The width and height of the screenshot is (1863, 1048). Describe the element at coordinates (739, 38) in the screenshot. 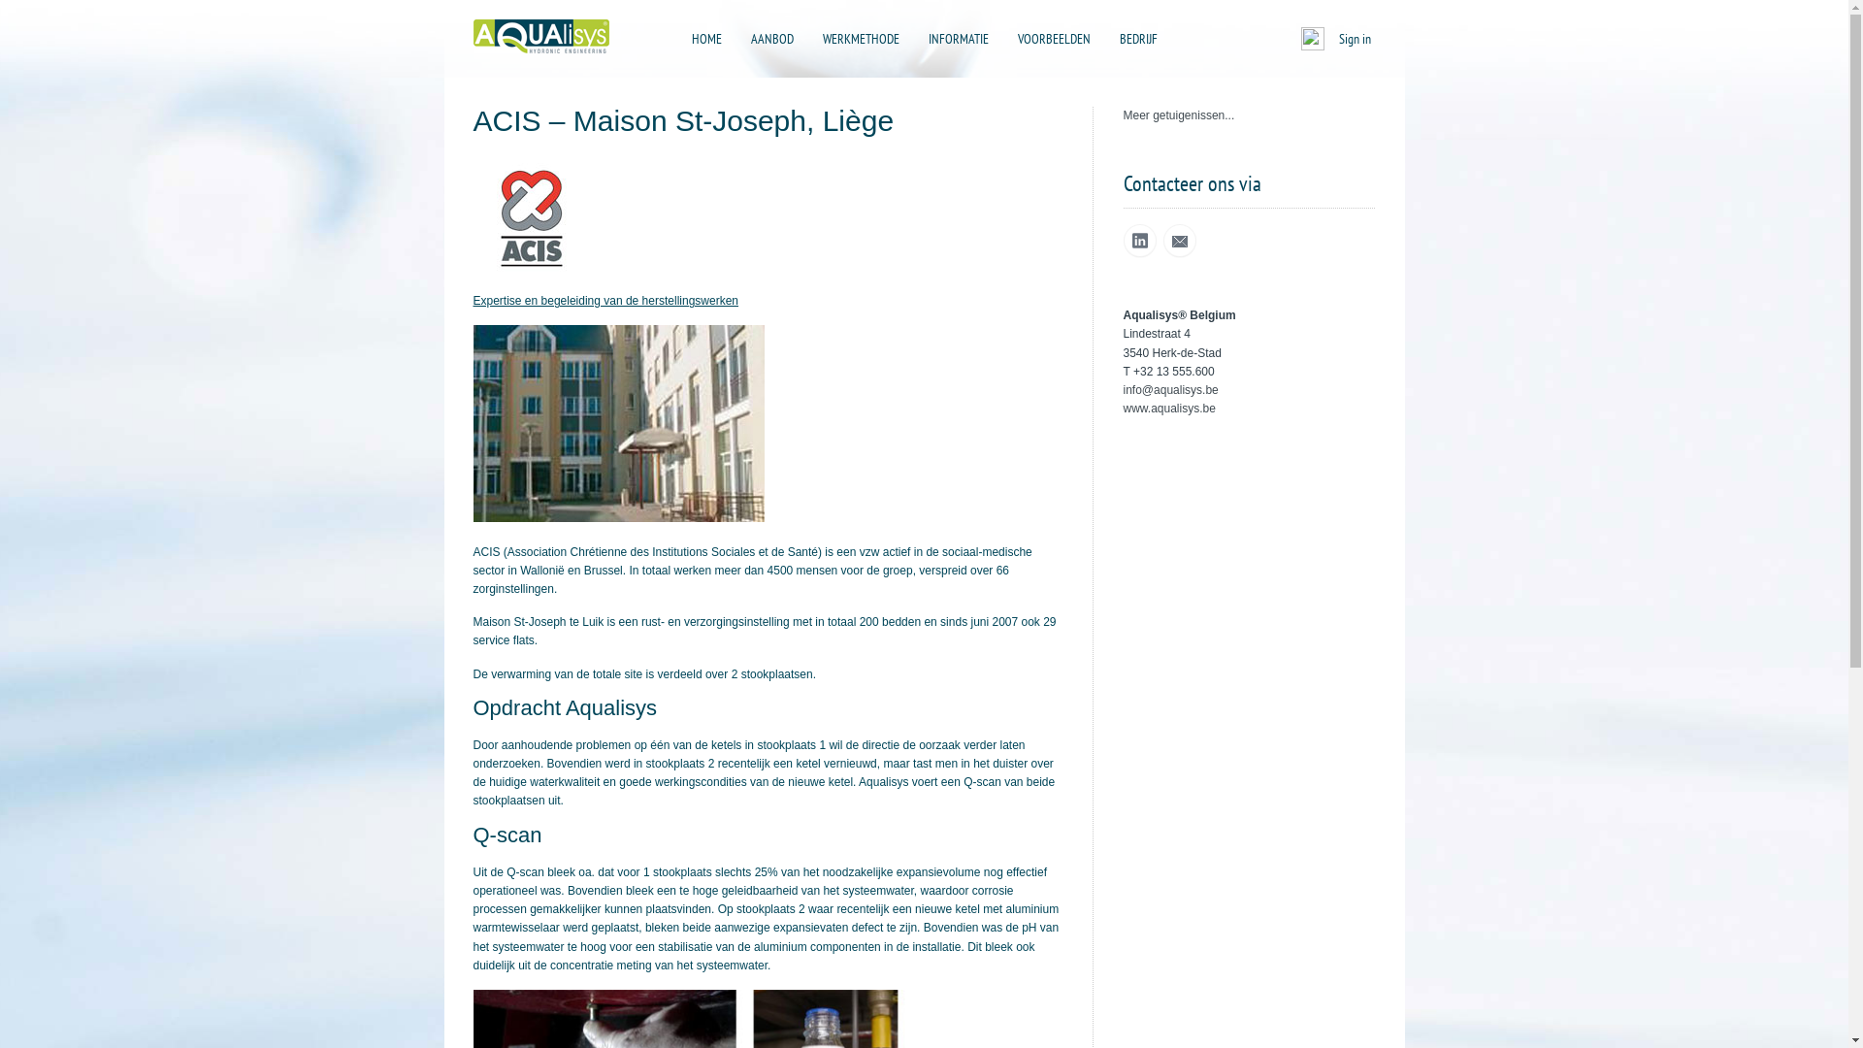

I see `'AANBOD'` at that location.